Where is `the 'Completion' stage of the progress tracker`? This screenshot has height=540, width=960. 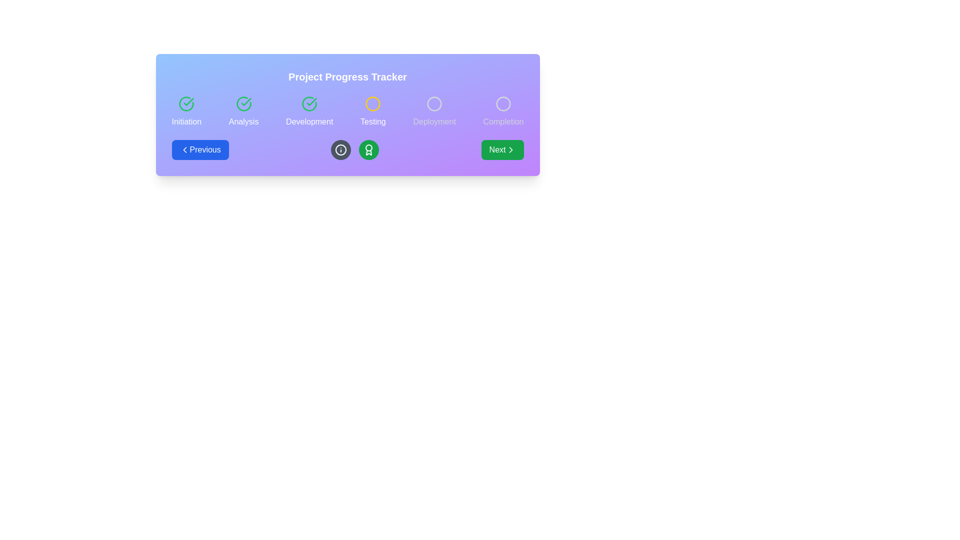
the 'Completion' stage of the progress tracker is located at coordinates (503, 111).